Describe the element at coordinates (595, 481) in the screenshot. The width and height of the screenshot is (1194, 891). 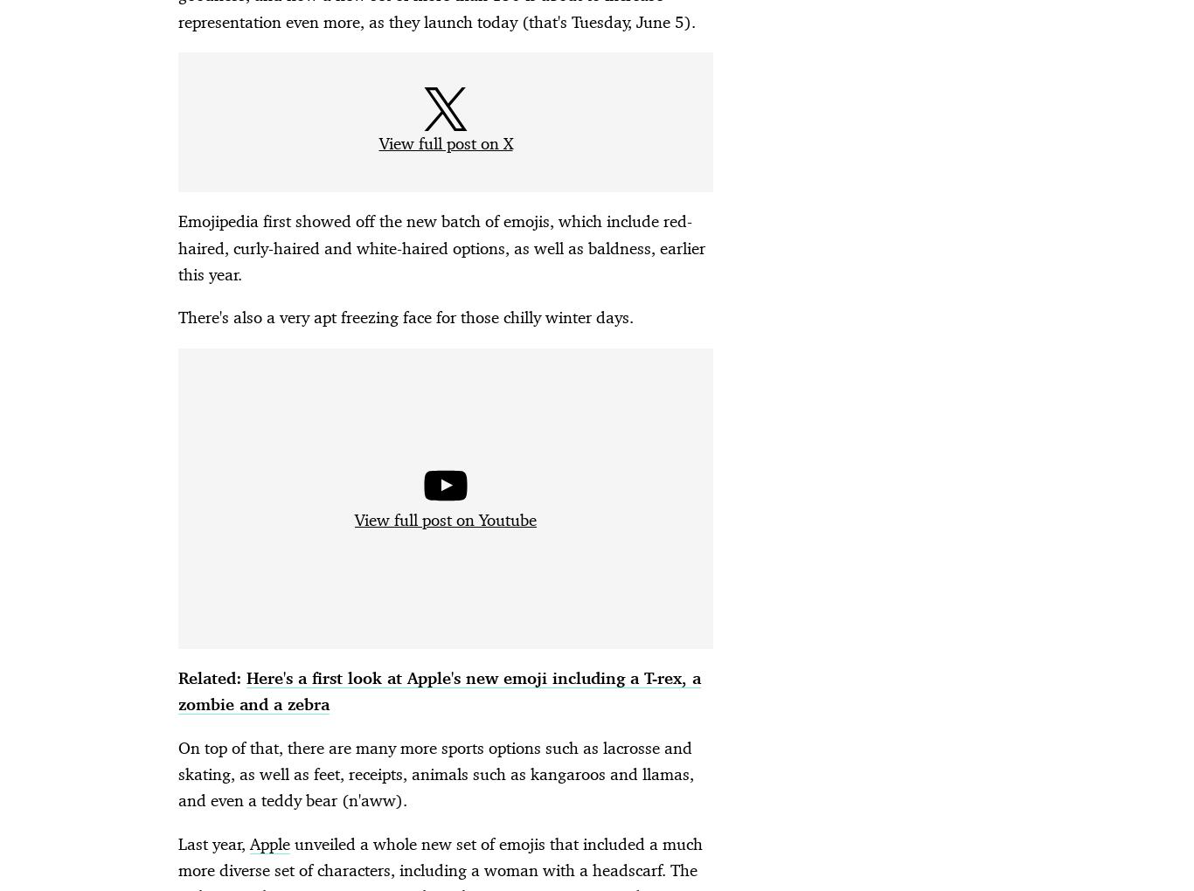
I see `'Advertisement - Continue Reading Below'` at that location.